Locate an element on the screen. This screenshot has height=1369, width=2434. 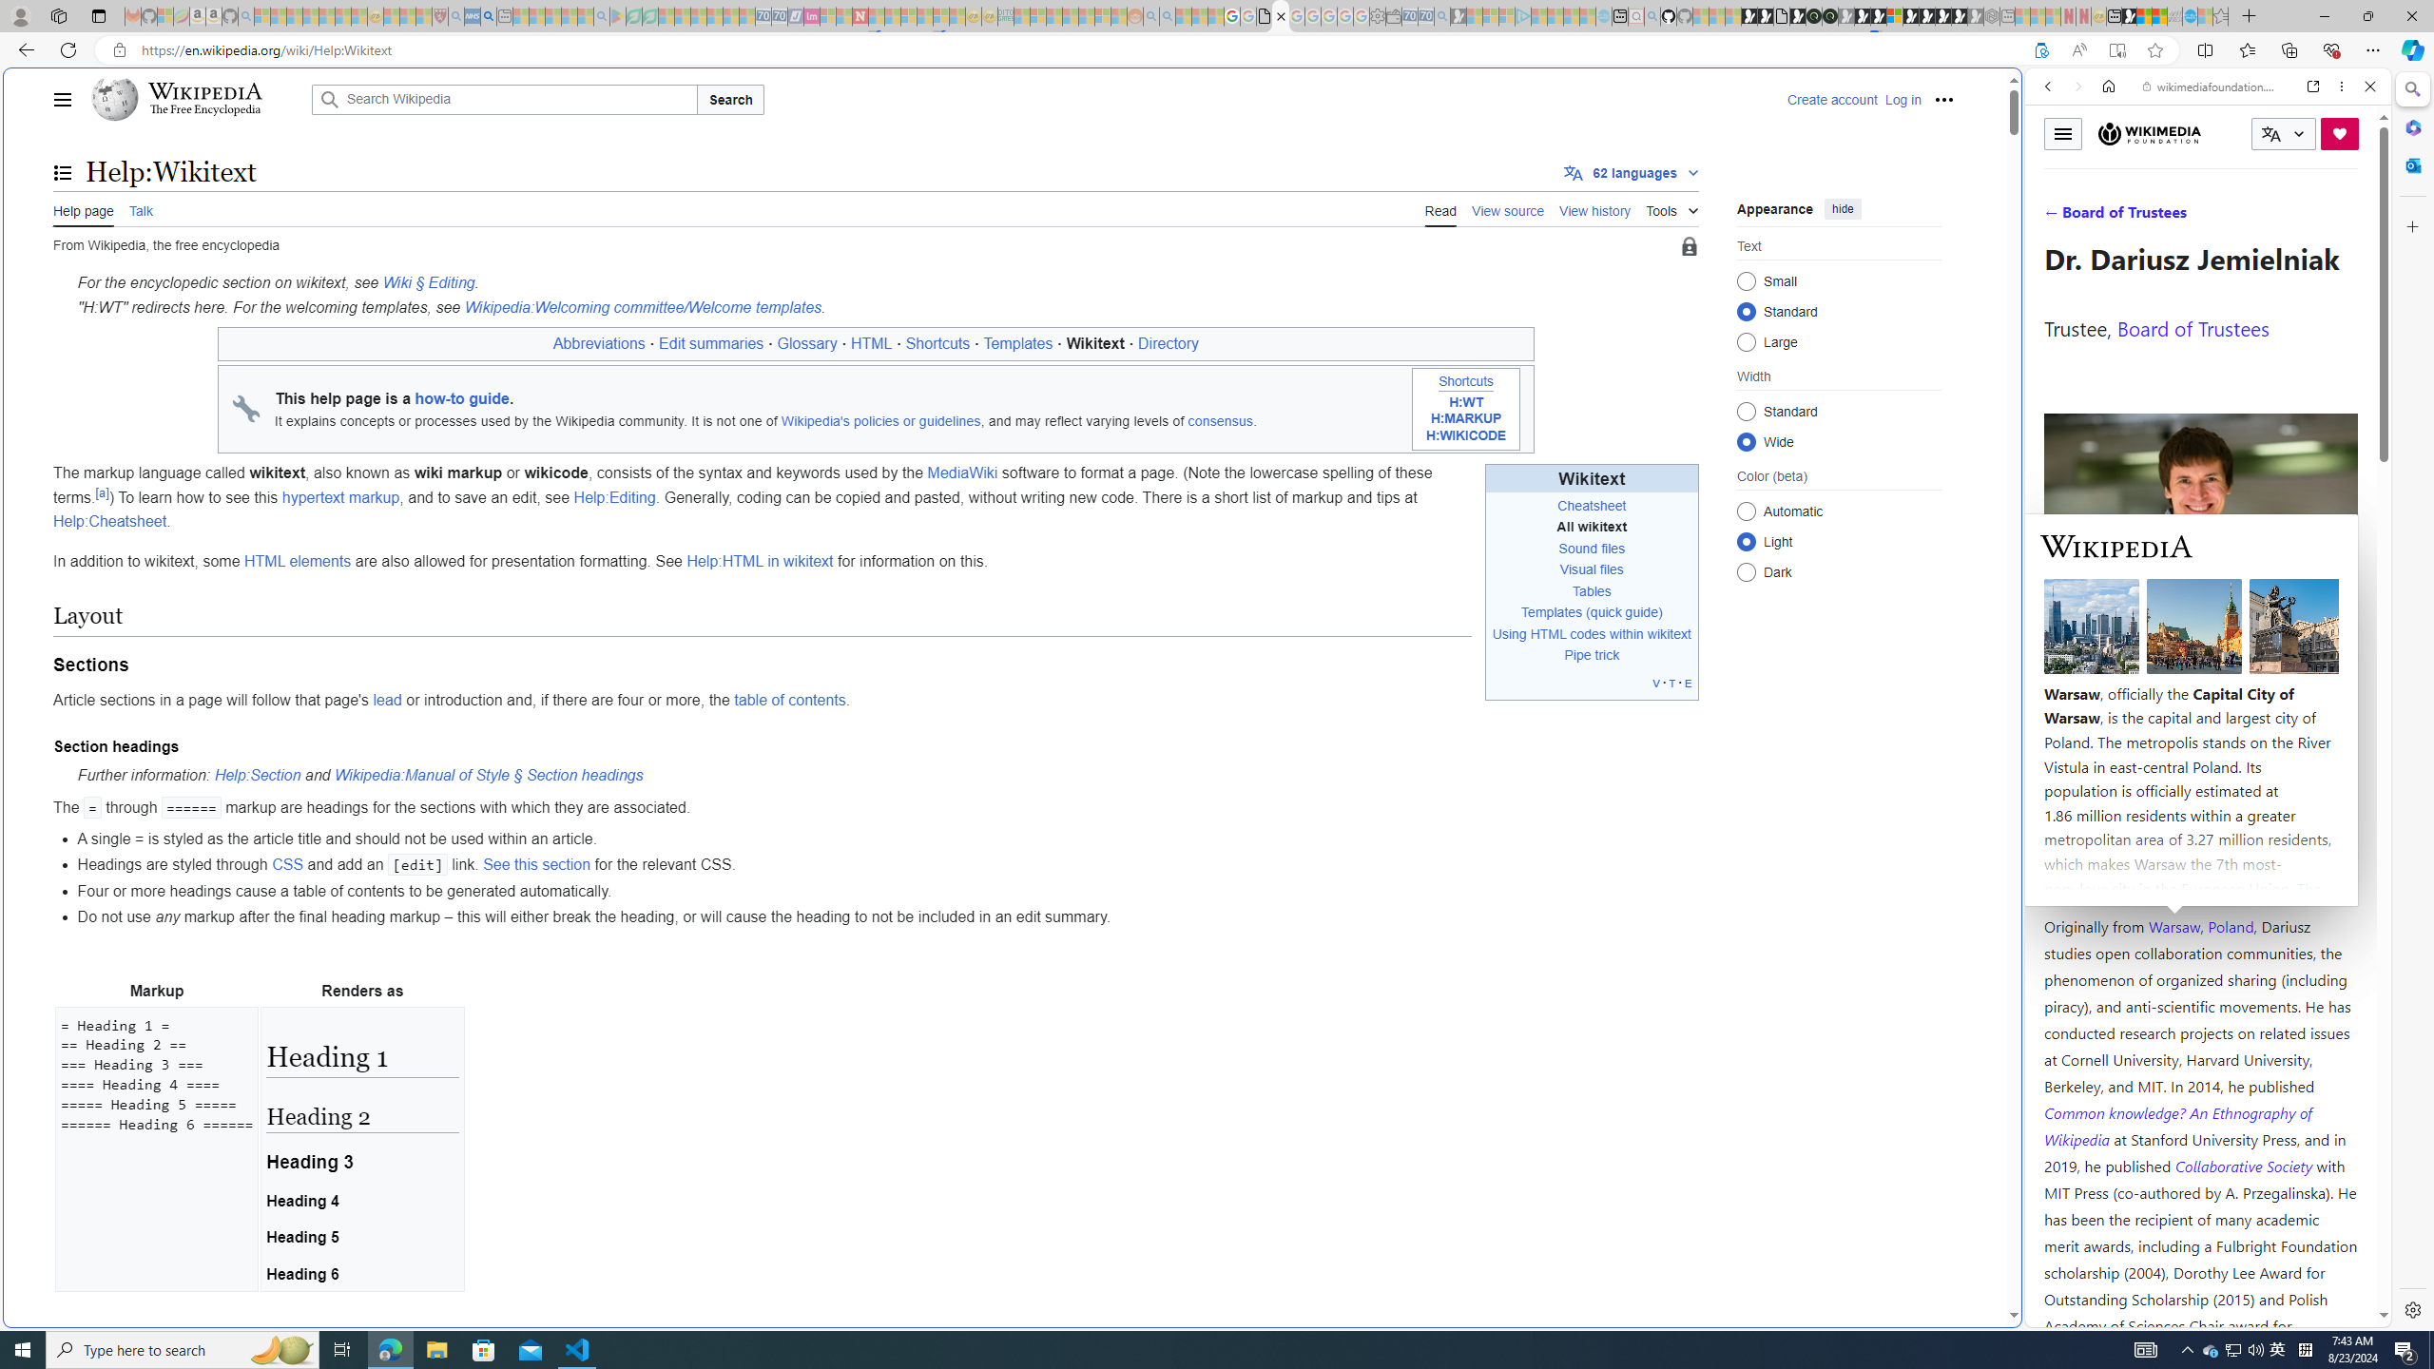
'Log in' is located at coordinates (1902, 98).